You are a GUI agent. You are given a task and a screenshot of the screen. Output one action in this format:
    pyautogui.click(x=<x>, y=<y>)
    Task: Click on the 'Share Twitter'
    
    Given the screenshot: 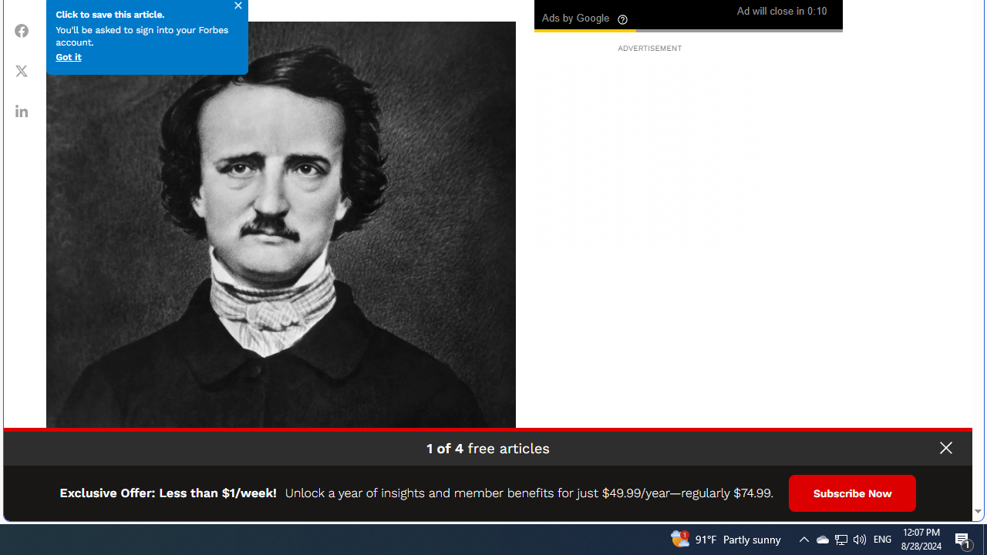 What is the action you would take?
    pyautogui.click(x=22, y=70)
    